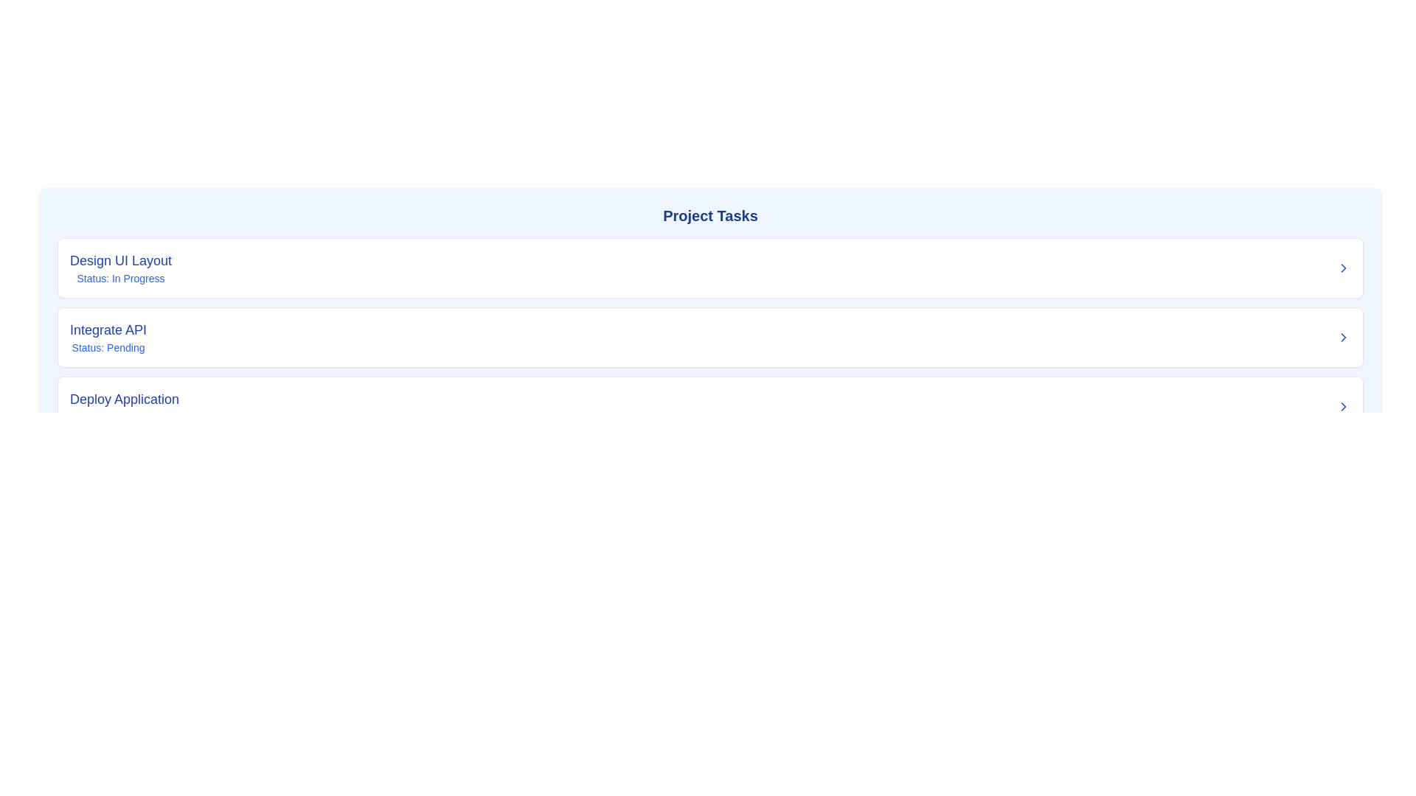  Describe the element at coordinates (1344, 338) in the screenshot. I see `the right-pointing chevron icon, styled in bold blue, located at the far right of the 'Integrate API' section` at that location.